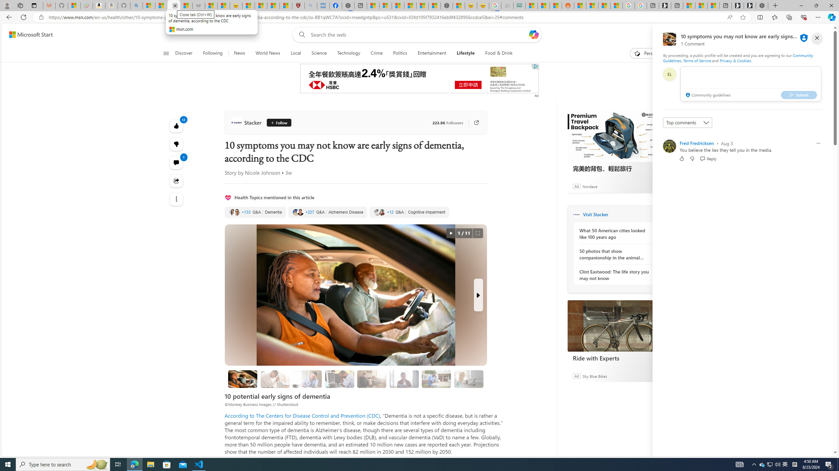  What do you see at coordinates (176, 199) in the screenshot?
I see `'See more'` at bounding box center [176, 199].